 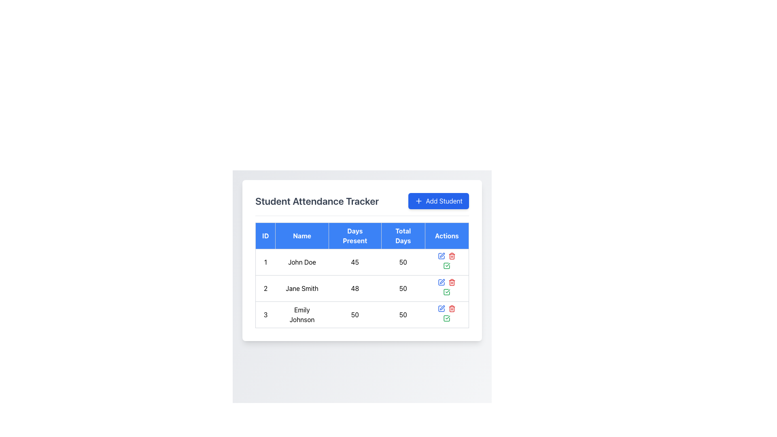 I want to click on the edit icon in the 'Actions' column of the second row corresponding to the 'Jane Smith' entry, so click(x=442, y=255).